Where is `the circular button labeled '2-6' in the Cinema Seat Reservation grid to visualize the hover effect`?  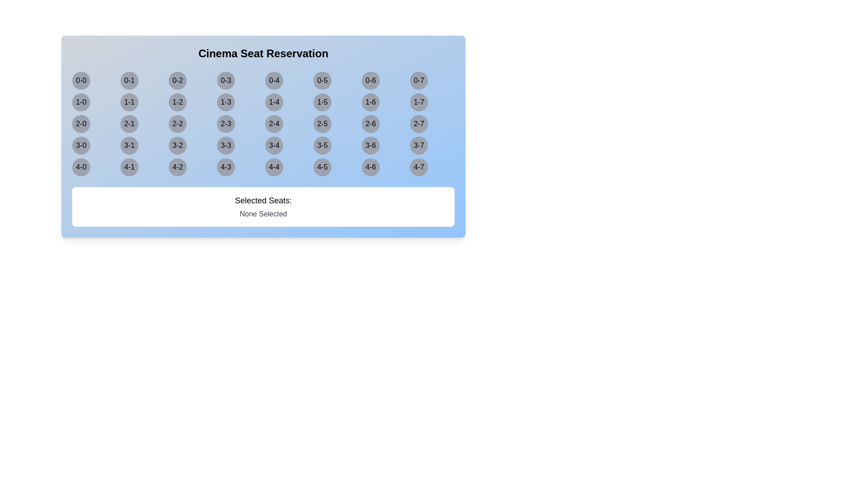
the circular button labeled '2-6' in the Cinema Seat Reservation grid to visualize the hover effect is located at coordinates (370, 124).